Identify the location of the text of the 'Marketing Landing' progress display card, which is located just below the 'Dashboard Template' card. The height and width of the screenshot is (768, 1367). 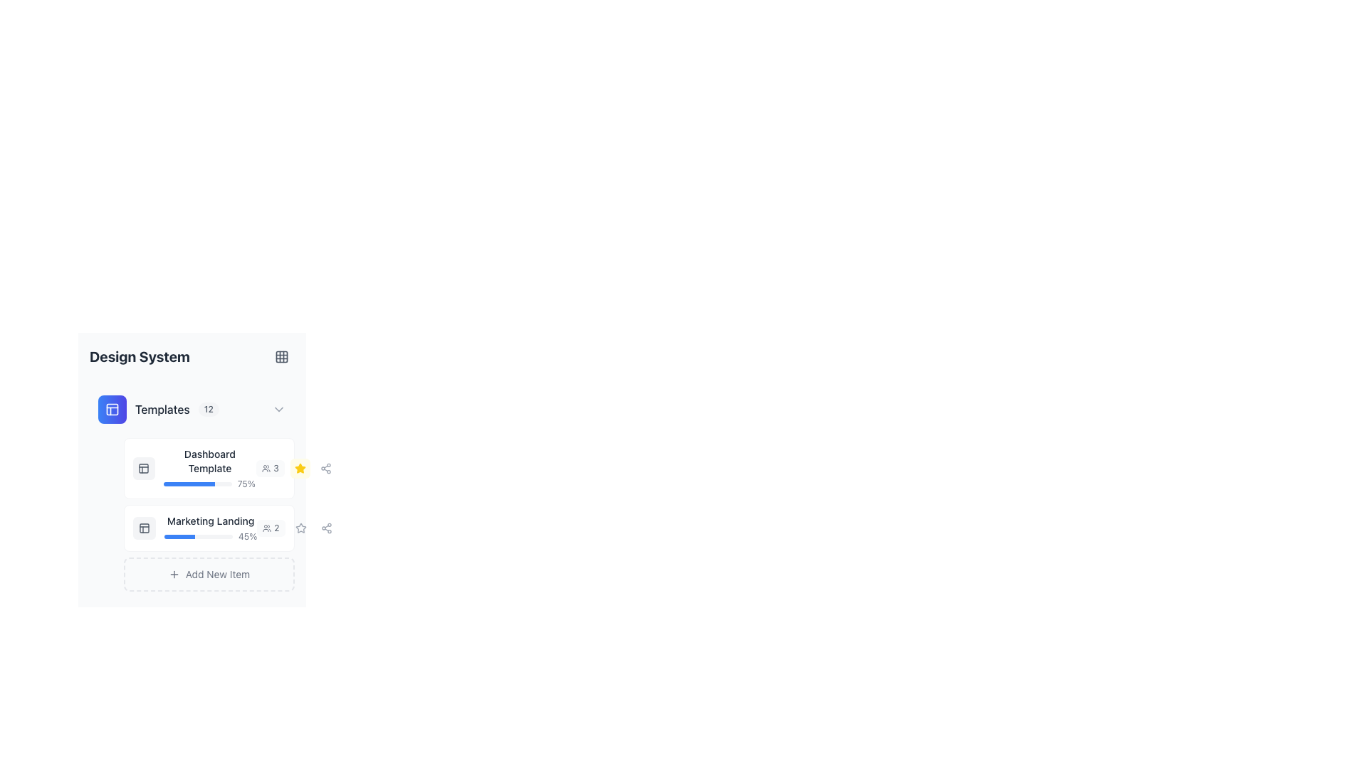
(194, 528).